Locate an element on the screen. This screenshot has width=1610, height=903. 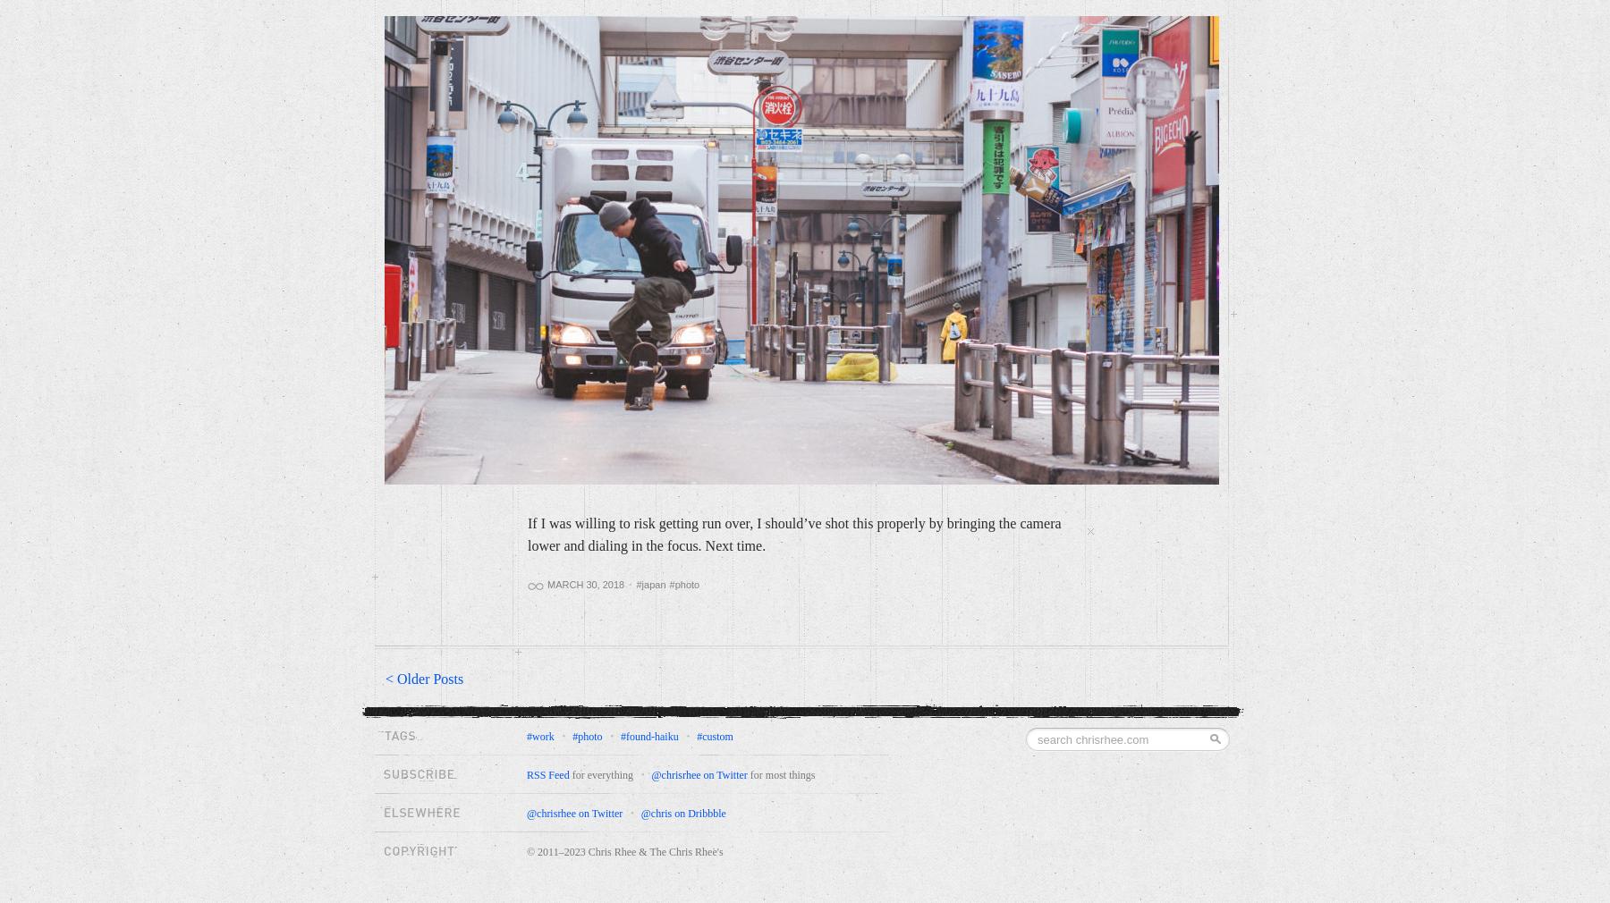
'#found-haiku' is located at coordinates (648, 736).